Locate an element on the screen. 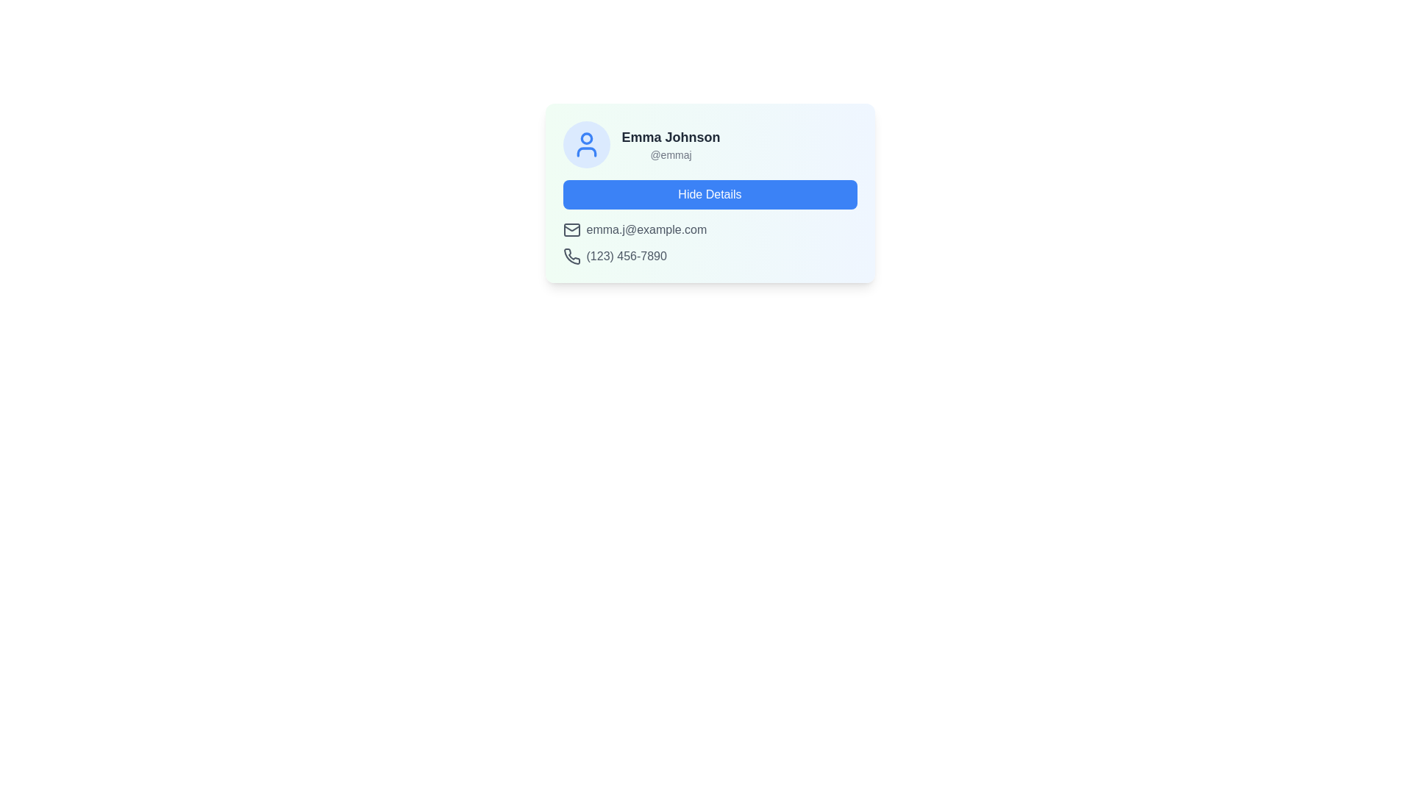 This screenshot has width=1412, height=794. the static text label displaying the user's email address, located below the 'Hide Details' button and aligned with an envelope icon is located at coordinates (646, 229).